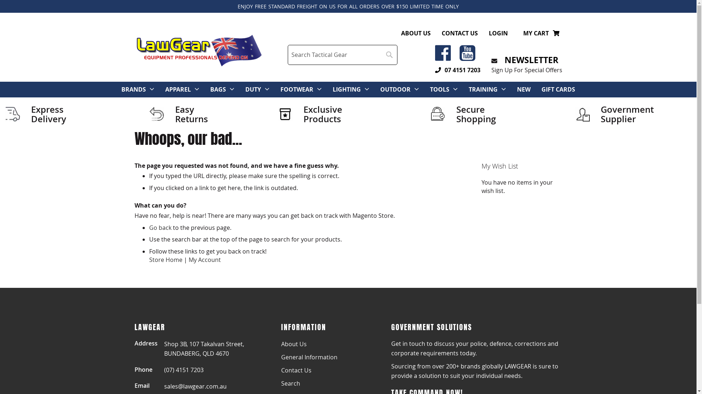 Image resolution: width=702 pixels, height=394 pixels. I want to click on 'OUTDOOR', so click(395, 89).